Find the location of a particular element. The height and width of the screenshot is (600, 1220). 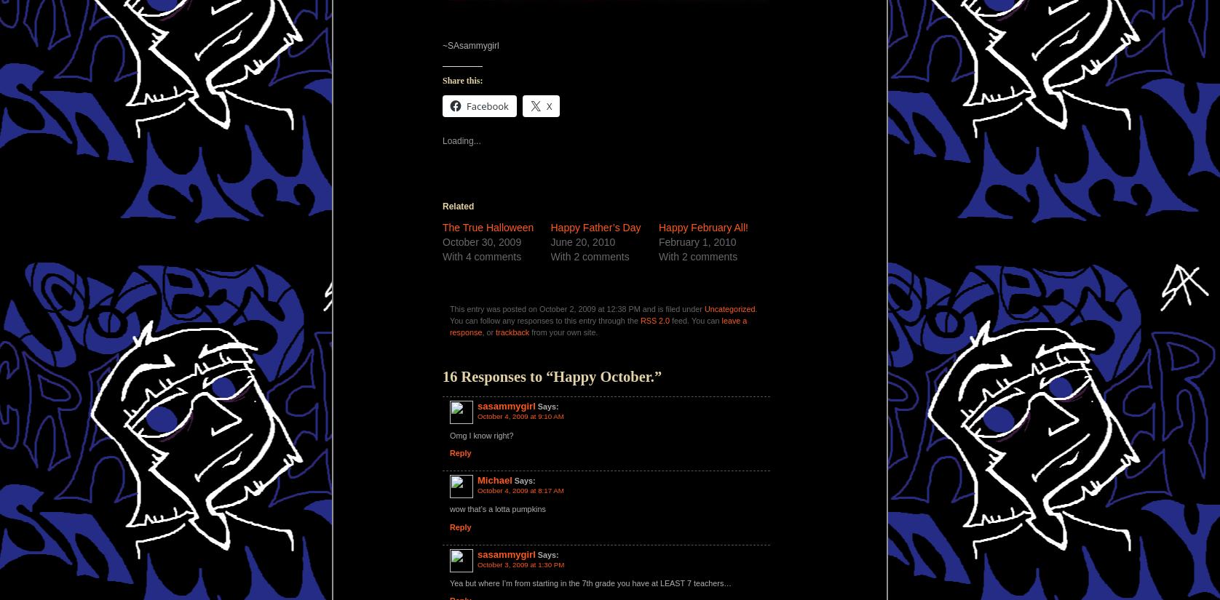

'16 Responses to “Happy October.”' is located at coordinates (443, 375).